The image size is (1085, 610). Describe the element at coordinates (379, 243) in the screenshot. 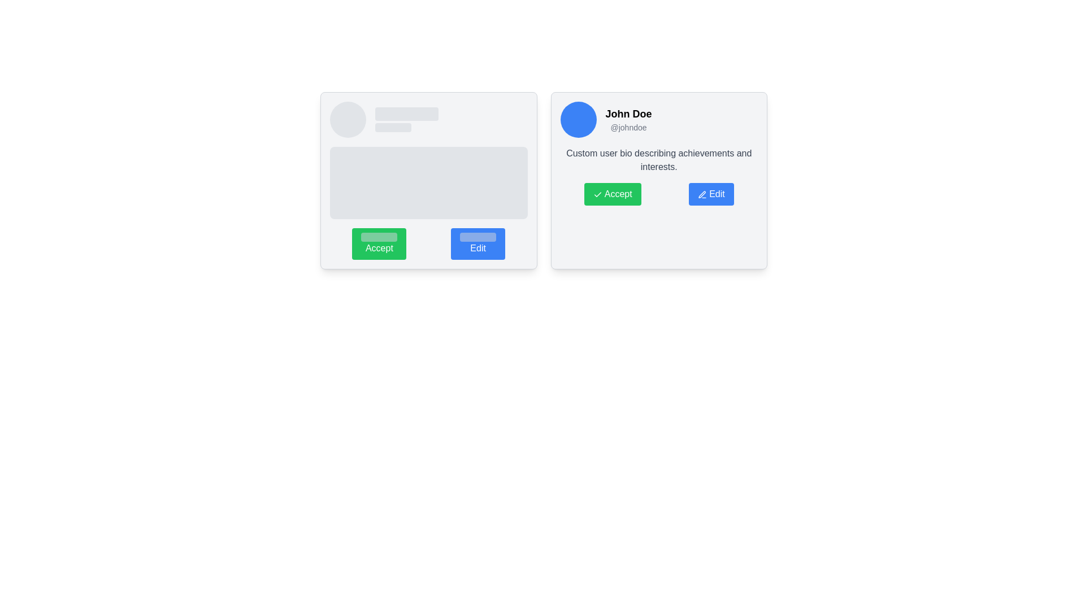

I see `the 'Accept' button, which has a green background and white text, located below a gray placeholder element and to the left of a blue 'Edit' button` at that location.